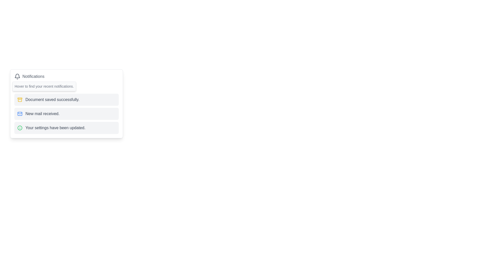 The width and height of the screenshot is (484, 272). Describe the element at coordinates (20, 128) in the screenshot. I see `the informational icon at the beginning of the 'Your settings have been updated' notification message, which is part of a gray notification card` at that location.